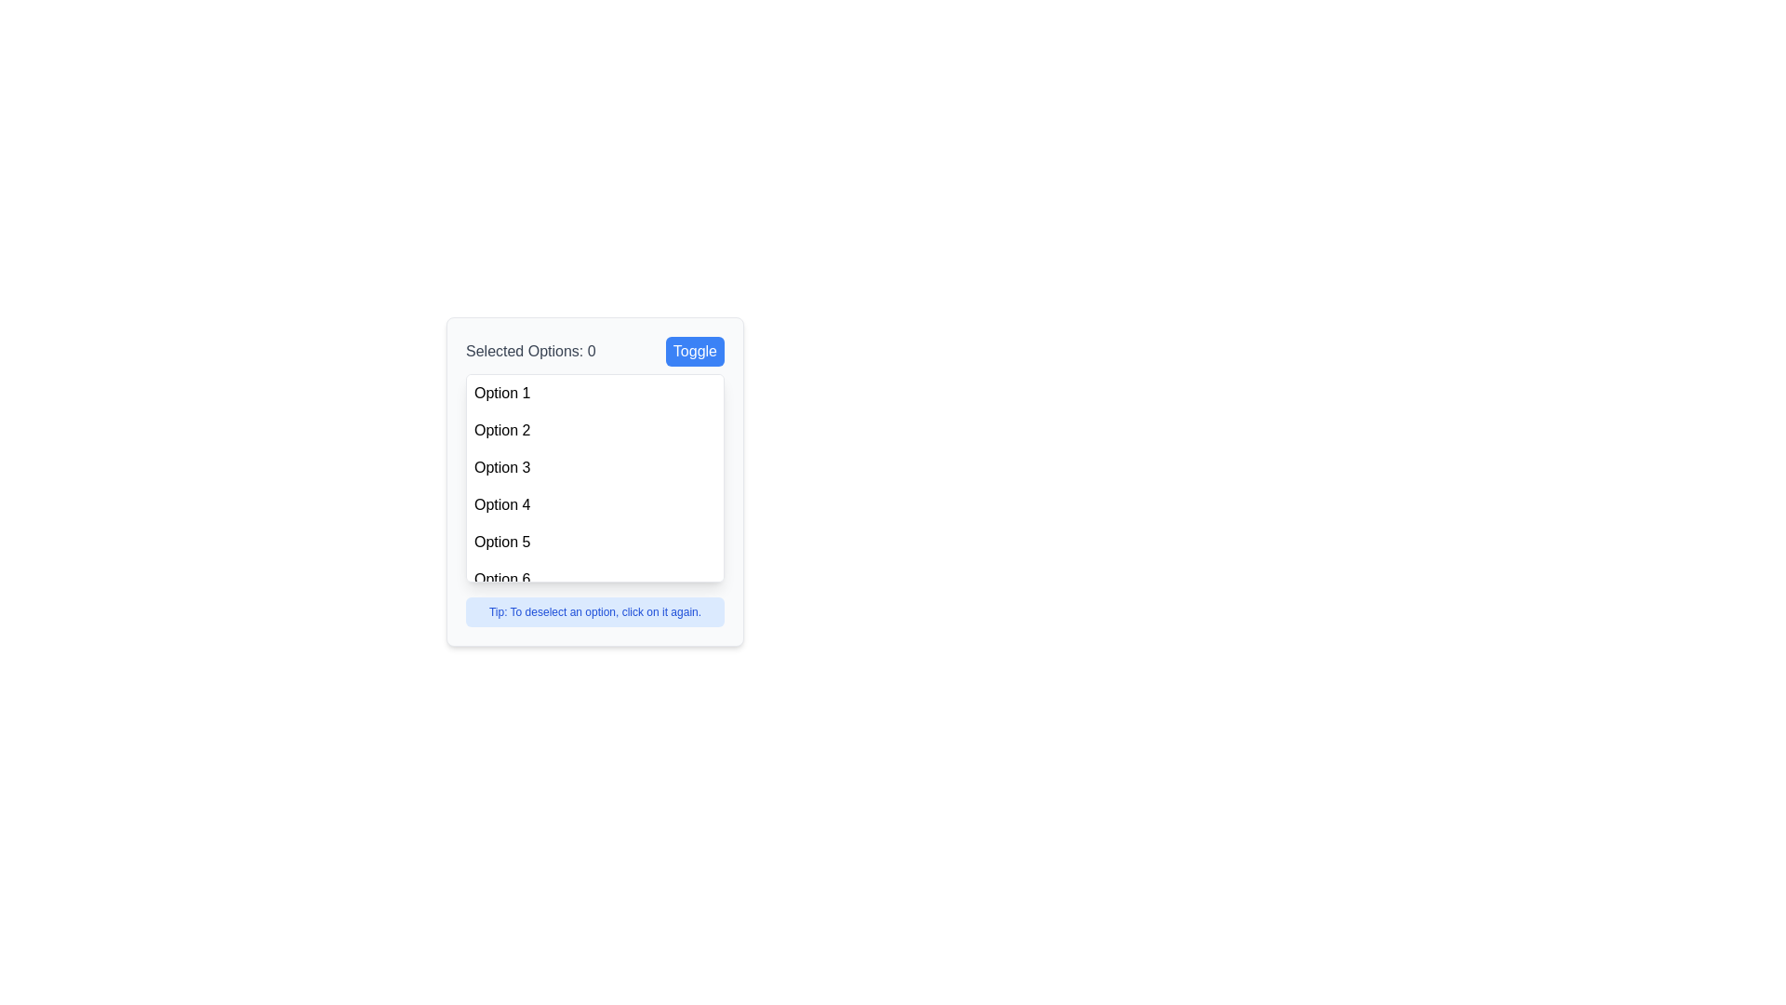 This screenshot has height=1005, width=1786. I want to click on the first item labeled 'Option 1' in the dropdown menu, so click(502, 393).